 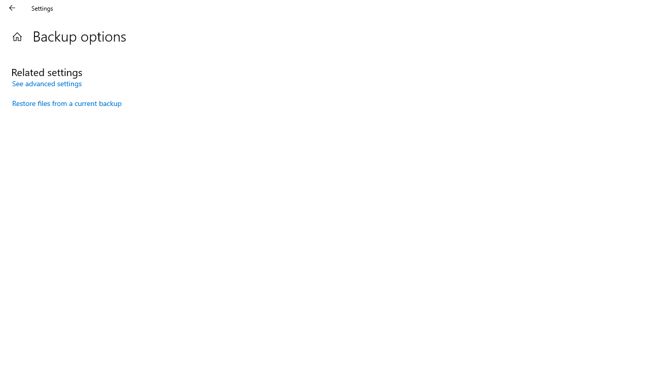 I want to click on 'Home', so click(x=17, y=36).